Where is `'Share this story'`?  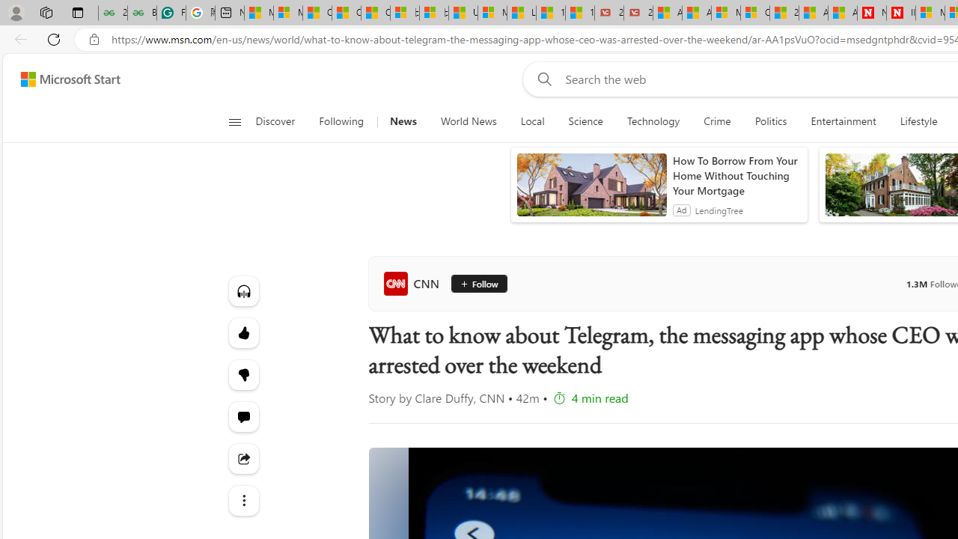
'Share this story' is located at coordinates (243, 458).